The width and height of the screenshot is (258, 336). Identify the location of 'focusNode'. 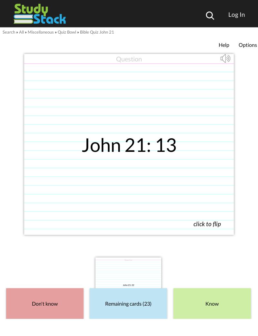
(117, 231).